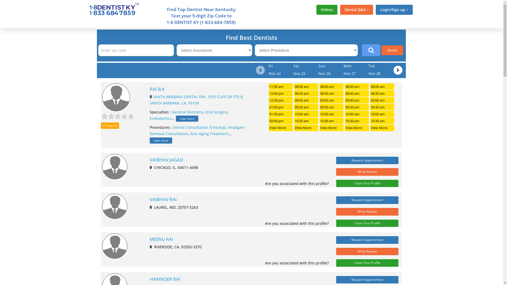  Describe the element at coordinates (336, 183) in the screenshot. I see `'Claim Your Profile'` at that location.